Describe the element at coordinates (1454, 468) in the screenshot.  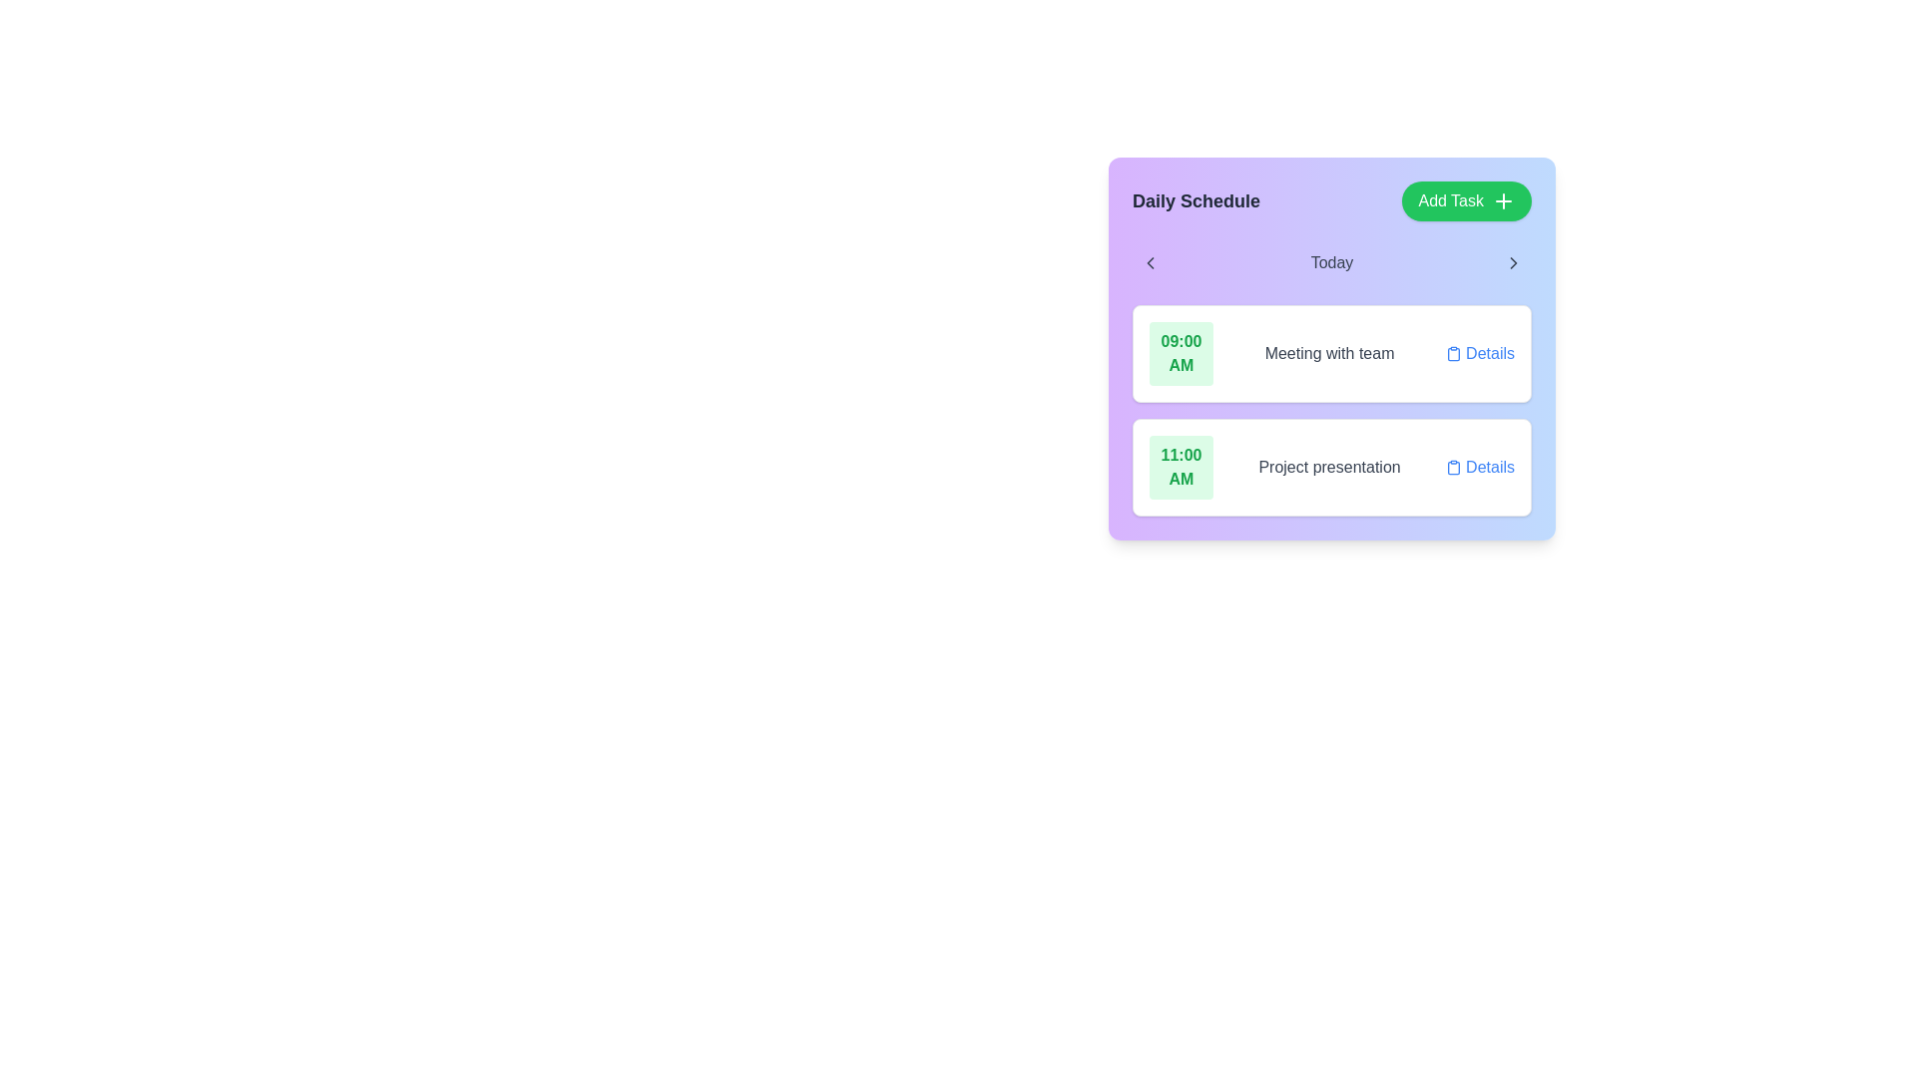
I see `the clipboard icon located to the left of the 'Details' text` at that location.